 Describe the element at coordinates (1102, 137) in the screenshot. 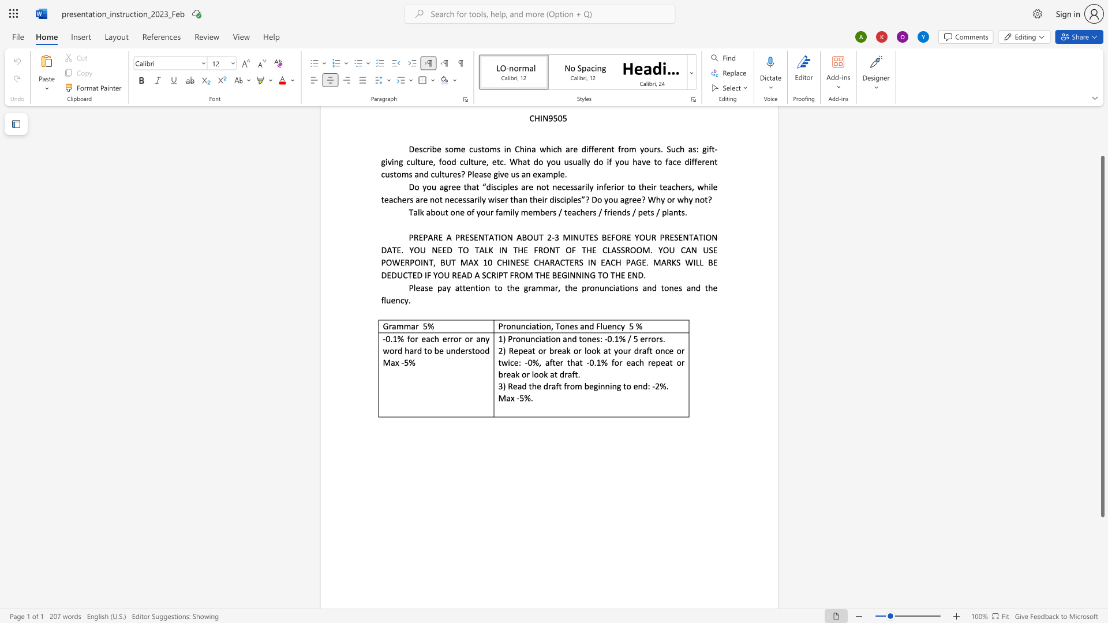

I see `the scrollbar on the right to move the page upward` at that location.